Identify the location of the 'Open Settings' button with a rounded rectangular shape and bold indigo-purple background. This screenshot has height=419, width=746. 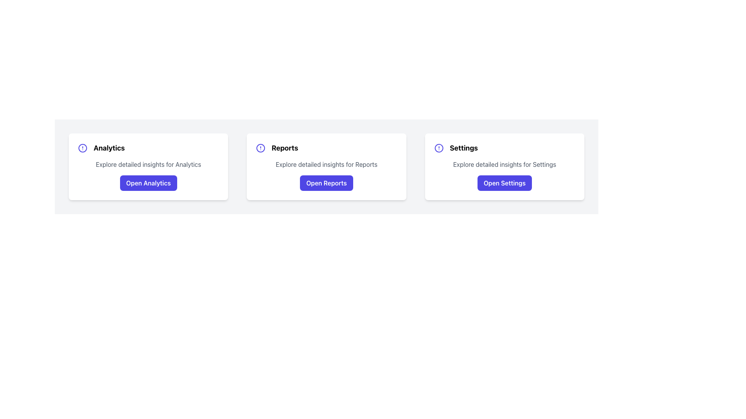
(504, 183).